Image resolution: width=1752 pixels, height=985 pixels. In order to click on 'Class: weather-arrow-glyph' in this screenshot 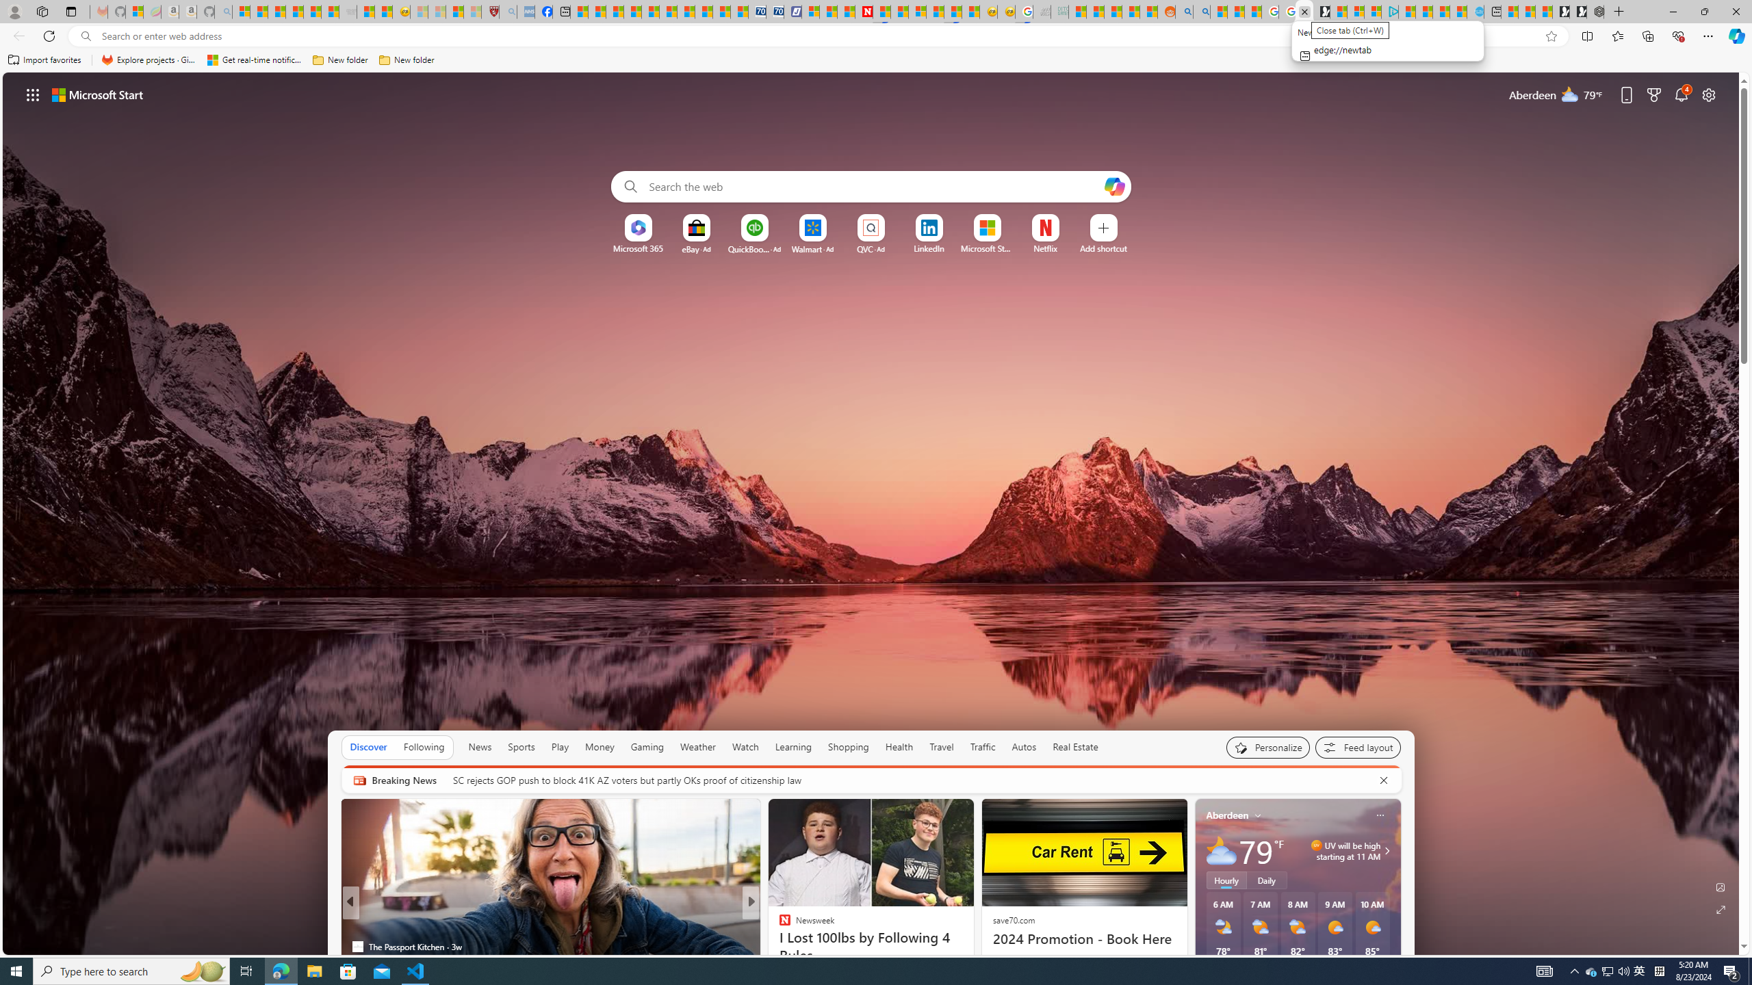, I will do `click(1386, 851)`.